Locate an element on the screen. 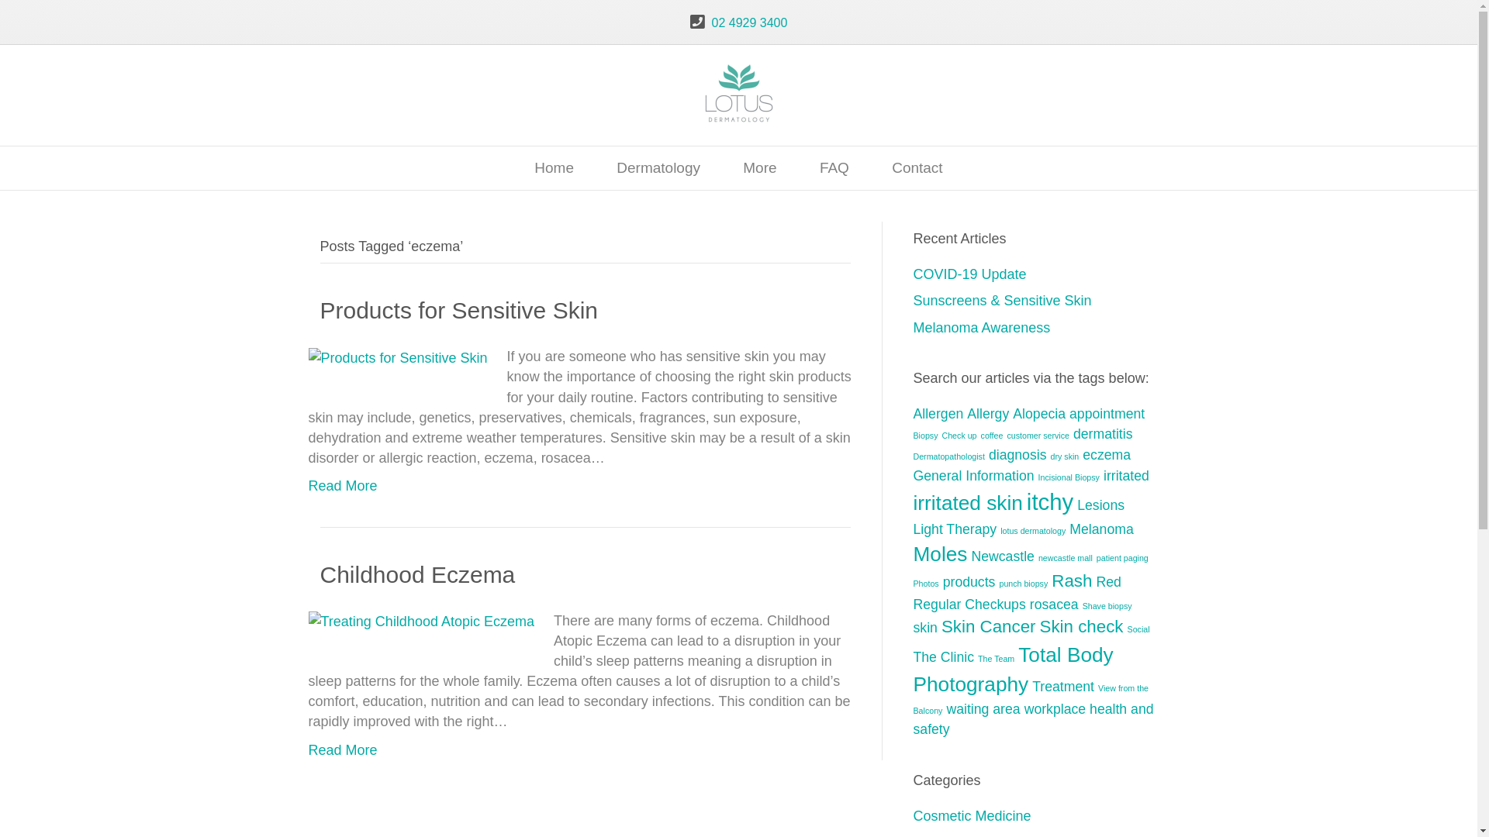  'coffee' is located at coordinates (991, 436).